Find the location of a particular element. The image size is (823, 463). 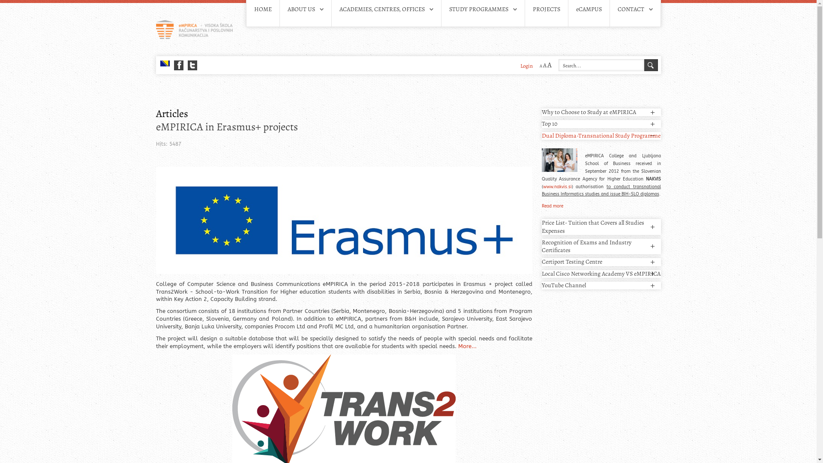

'HOME' is located at coordinates (262, 9).